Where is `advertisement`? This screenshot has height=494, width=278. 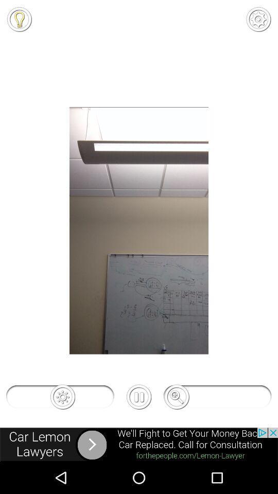 advertisement is located at coordinates (139, 444).